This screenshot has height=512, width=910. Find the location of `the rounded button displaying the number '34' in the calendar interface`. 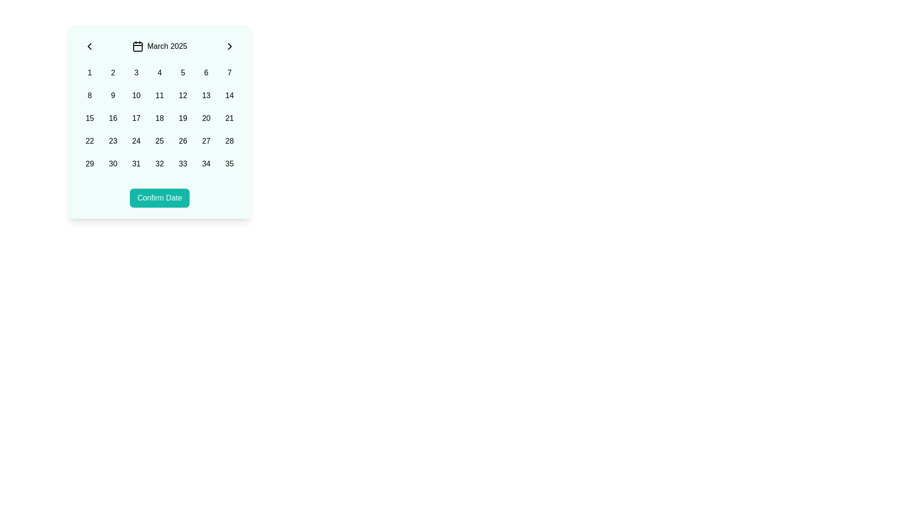

the rounded button displaying the number '34' in the calendar interface is located at coordinates (206, 164).